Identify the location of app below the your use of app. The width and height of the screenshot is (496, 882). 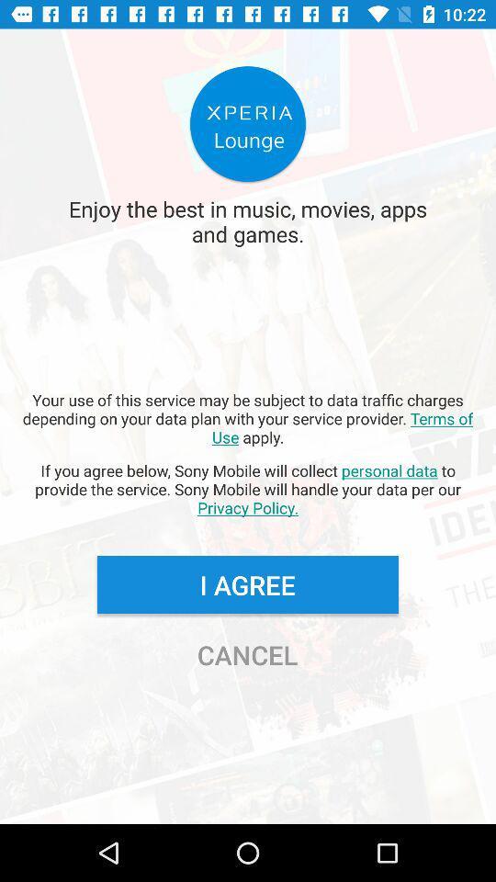
(248, 488).